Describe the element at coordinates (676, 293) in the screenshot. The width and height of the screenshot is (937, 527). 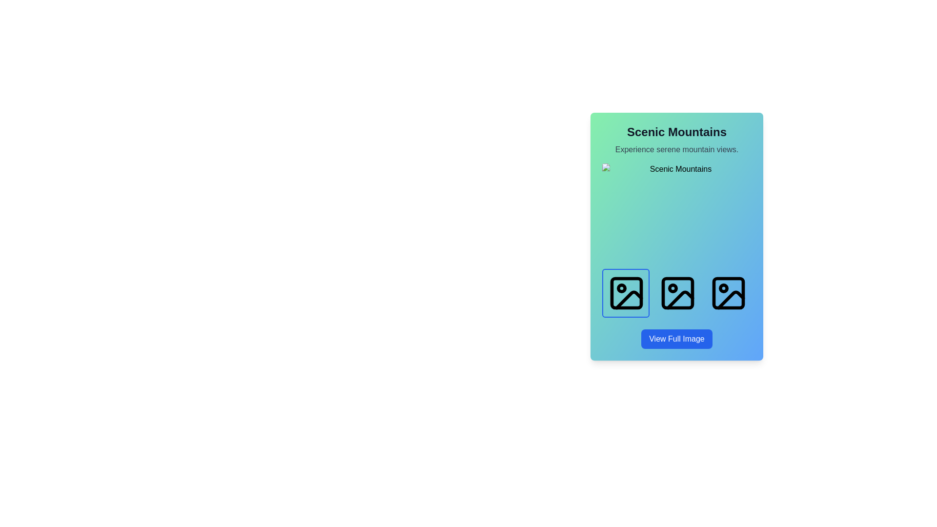
I see `the second selectable image icon representing 'Sunlit Forest'` at that location.